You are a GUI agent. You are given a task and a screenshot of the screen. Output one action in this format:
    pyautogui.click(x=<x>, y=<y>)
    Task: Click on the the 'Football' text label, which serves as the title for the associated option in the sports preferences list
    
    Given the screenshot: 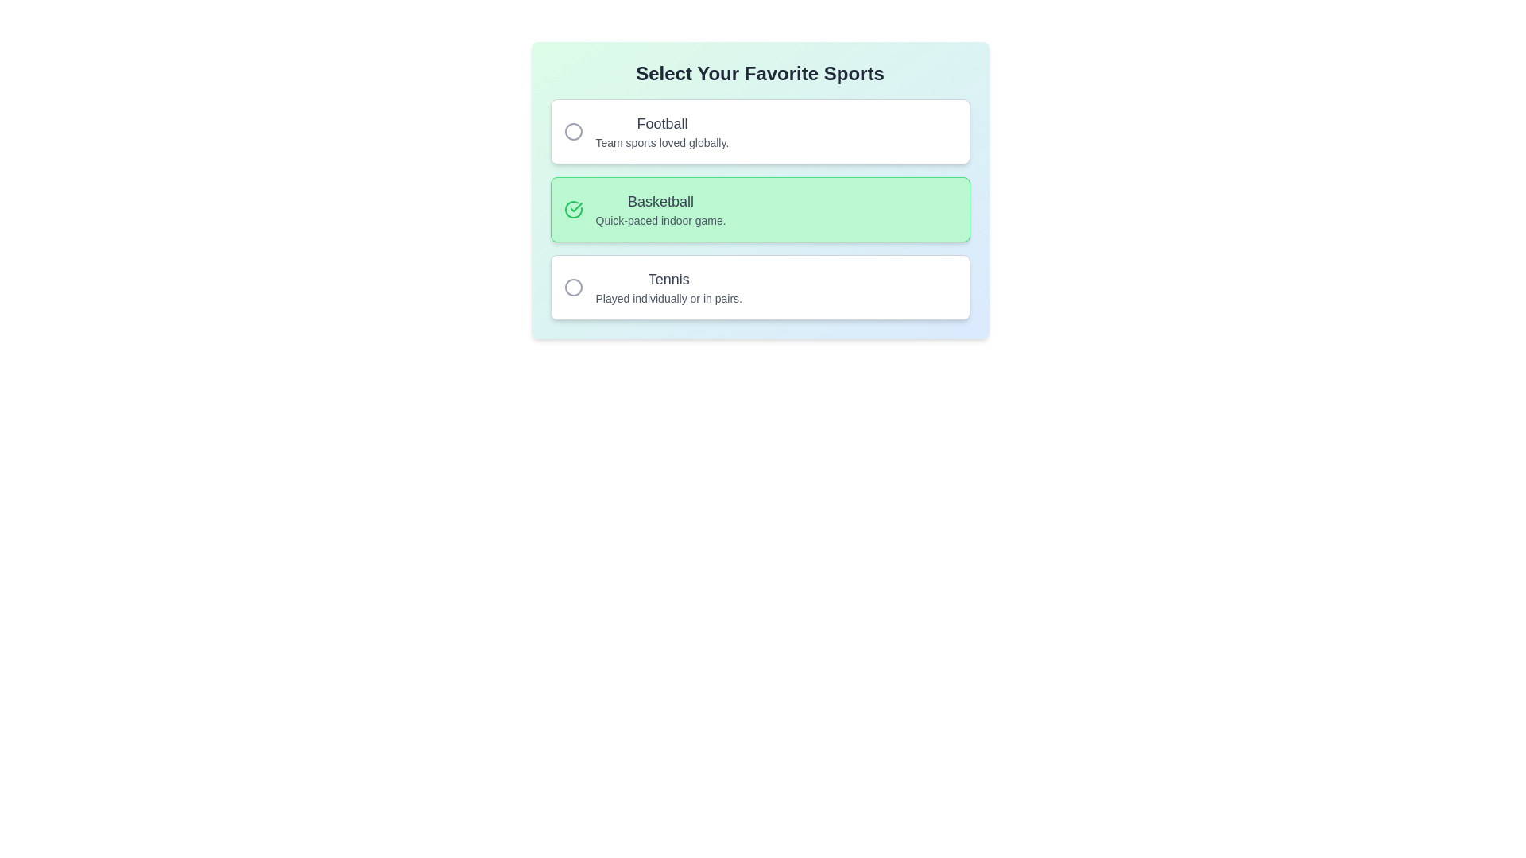 What is the action you would take?
    pyautogui.click(x=662, y=122)
    